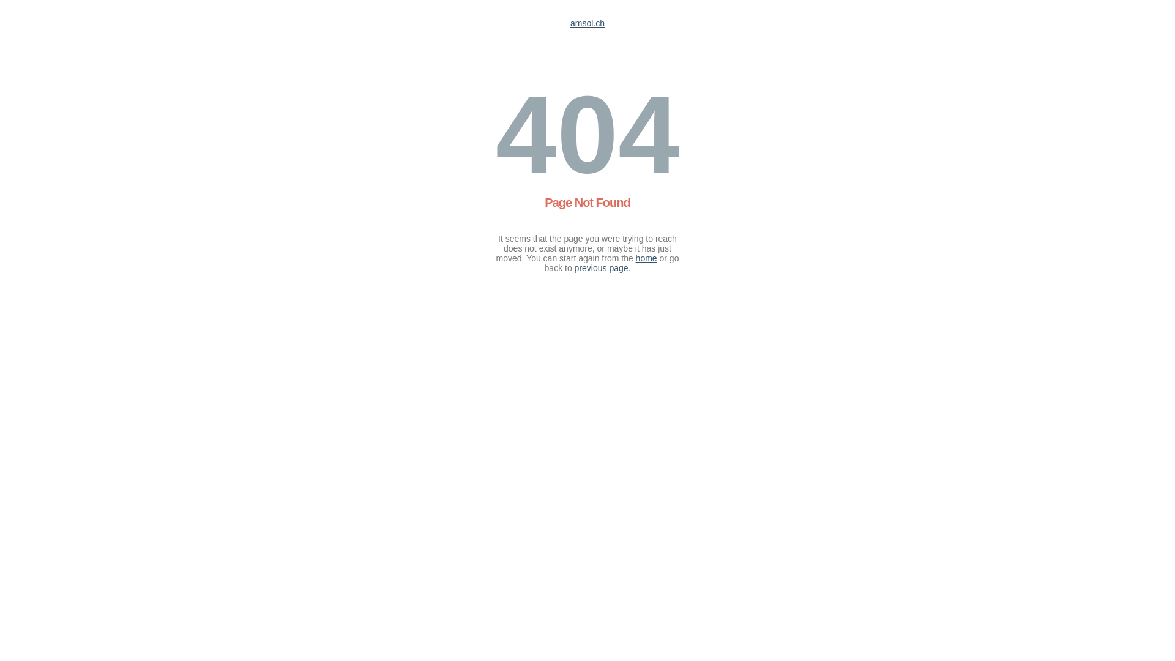 The image size is (1175, 661). What do you see at coordinates (646, 257) in the screenshot?
I see `'home'` at bounding box center [646, 257].